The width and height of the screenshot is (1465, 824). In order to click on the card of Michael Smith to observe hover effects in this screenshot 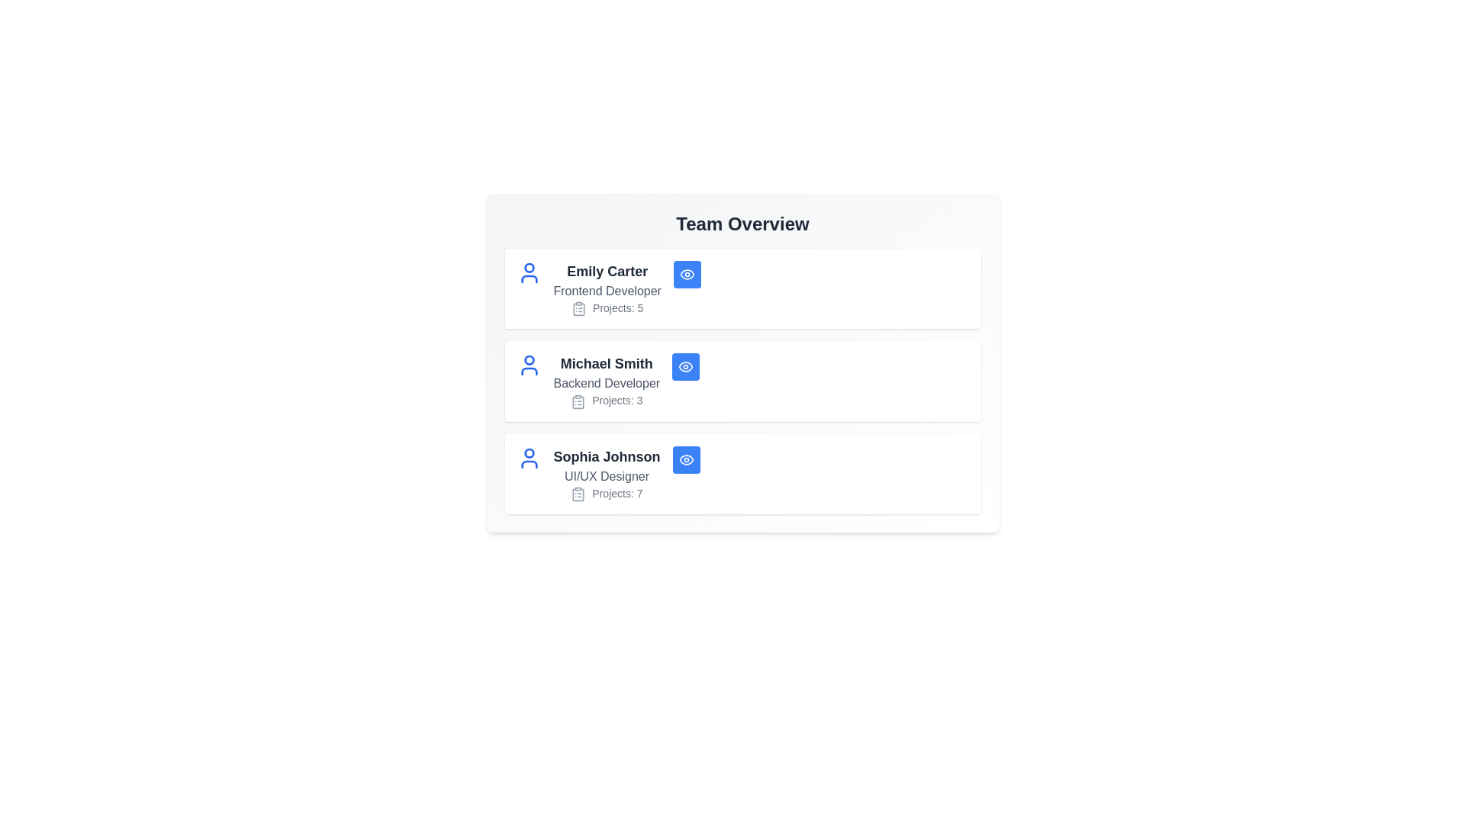, I will do `click(742, 380)`.